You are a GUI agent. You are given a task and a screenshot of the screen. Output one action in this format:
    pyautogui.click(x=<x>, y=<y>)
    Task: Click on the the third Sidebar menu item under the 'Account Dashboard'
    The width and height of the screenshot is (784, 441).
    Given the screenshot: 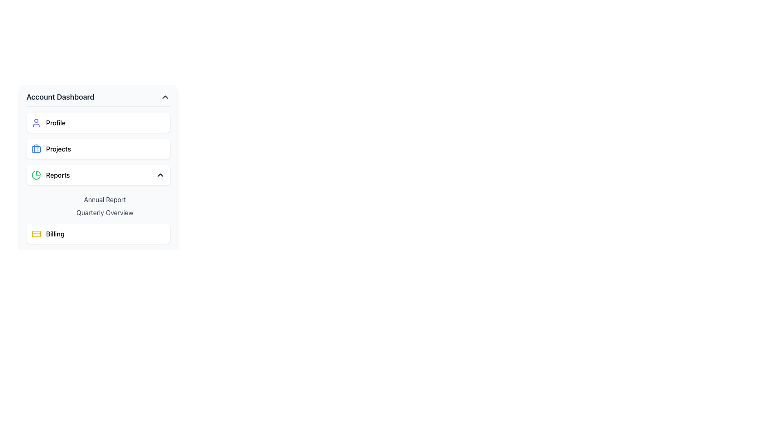 What is the action you would take?
    pyautogui.click(x=98, y=174)
    